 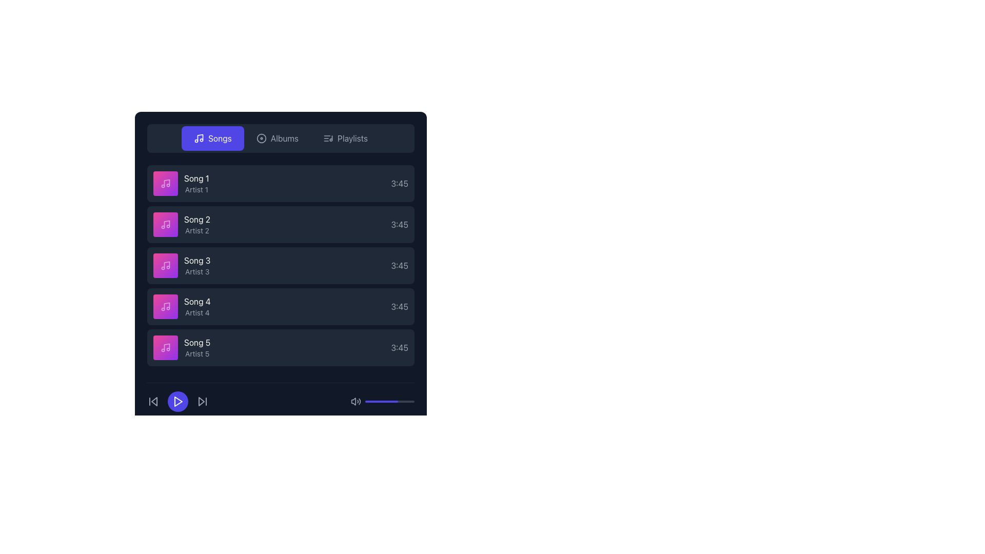 I want to click on the playback control bar located at the bottom of the interface, so click(x=281, y=401).